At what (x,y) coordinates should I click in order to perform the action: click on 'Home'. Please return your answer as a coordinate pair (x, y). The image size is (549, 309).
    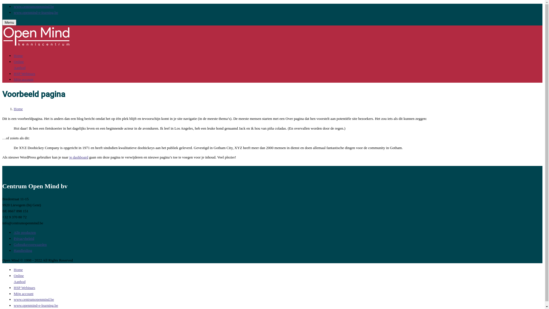
    Looking at the image, I should click on (18, 270).